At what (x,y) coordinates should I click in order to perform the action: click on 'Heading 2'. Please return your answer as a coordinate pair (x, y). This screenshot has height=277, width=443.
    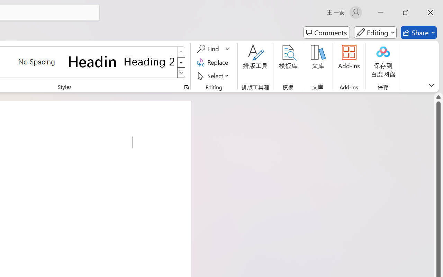
    Looking at the image, I should click on (148, 61).